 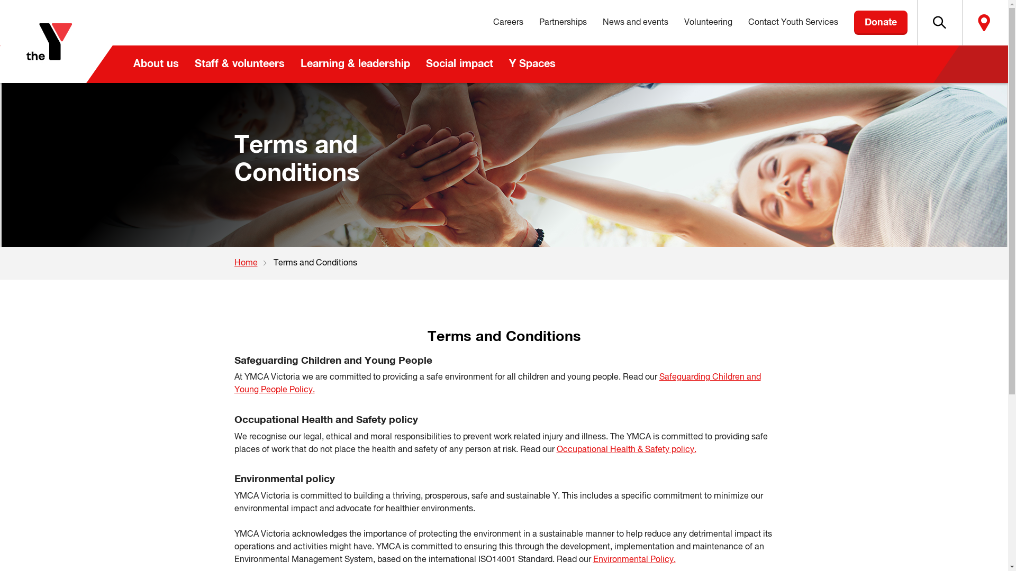 I want to click on 'Y Spaces', so click(x=531, y=64).